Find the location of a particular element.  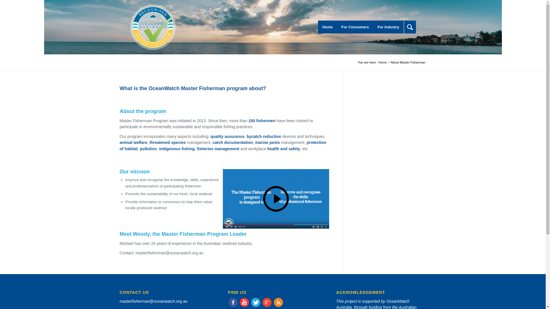

'Faebook ' is located at coordinates (233, 302).